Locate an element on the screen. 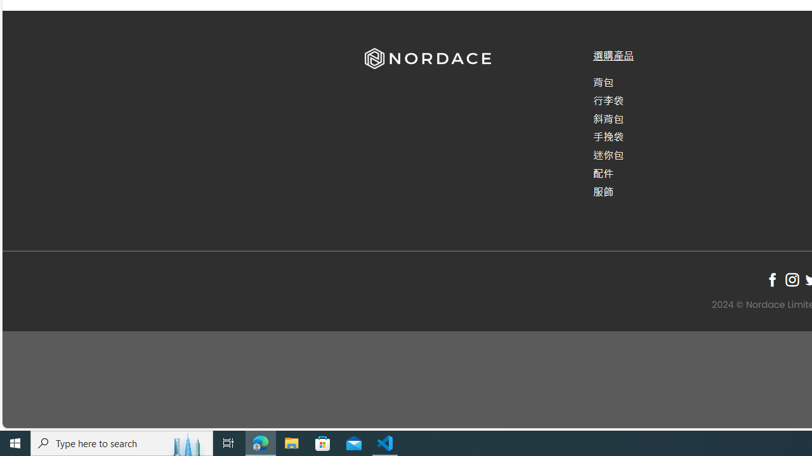  'Follow on Instagram' is located at coordinates (791, 279).